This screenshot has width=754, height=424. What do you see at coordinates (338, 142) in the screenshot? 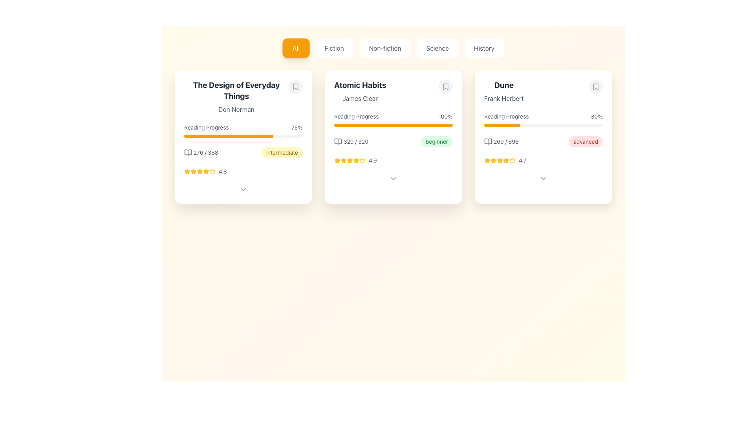
I see `the open book icon located` at bounding box center [338, 142].